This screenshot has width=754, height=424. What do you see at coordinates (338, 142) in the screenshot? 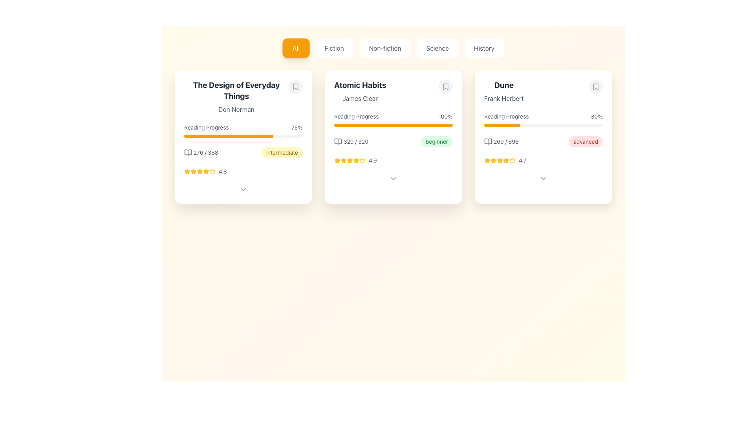
I see `the open book icon located` at bounding box center [338, 142].